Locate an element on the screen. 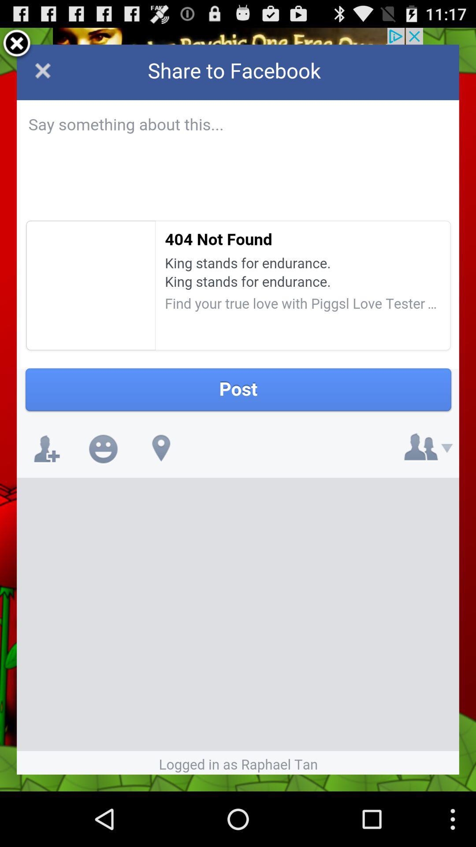 This screenshot has width=476, height=847. share to facebook is located at coordinates (238, 409).